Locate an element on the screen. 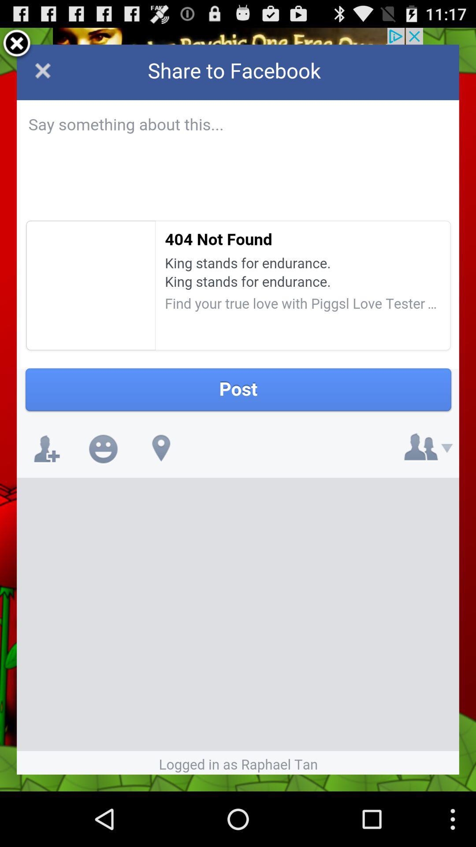 This screenshot has width=476, height=847. share to facebook is located at coordinates (238, 409).